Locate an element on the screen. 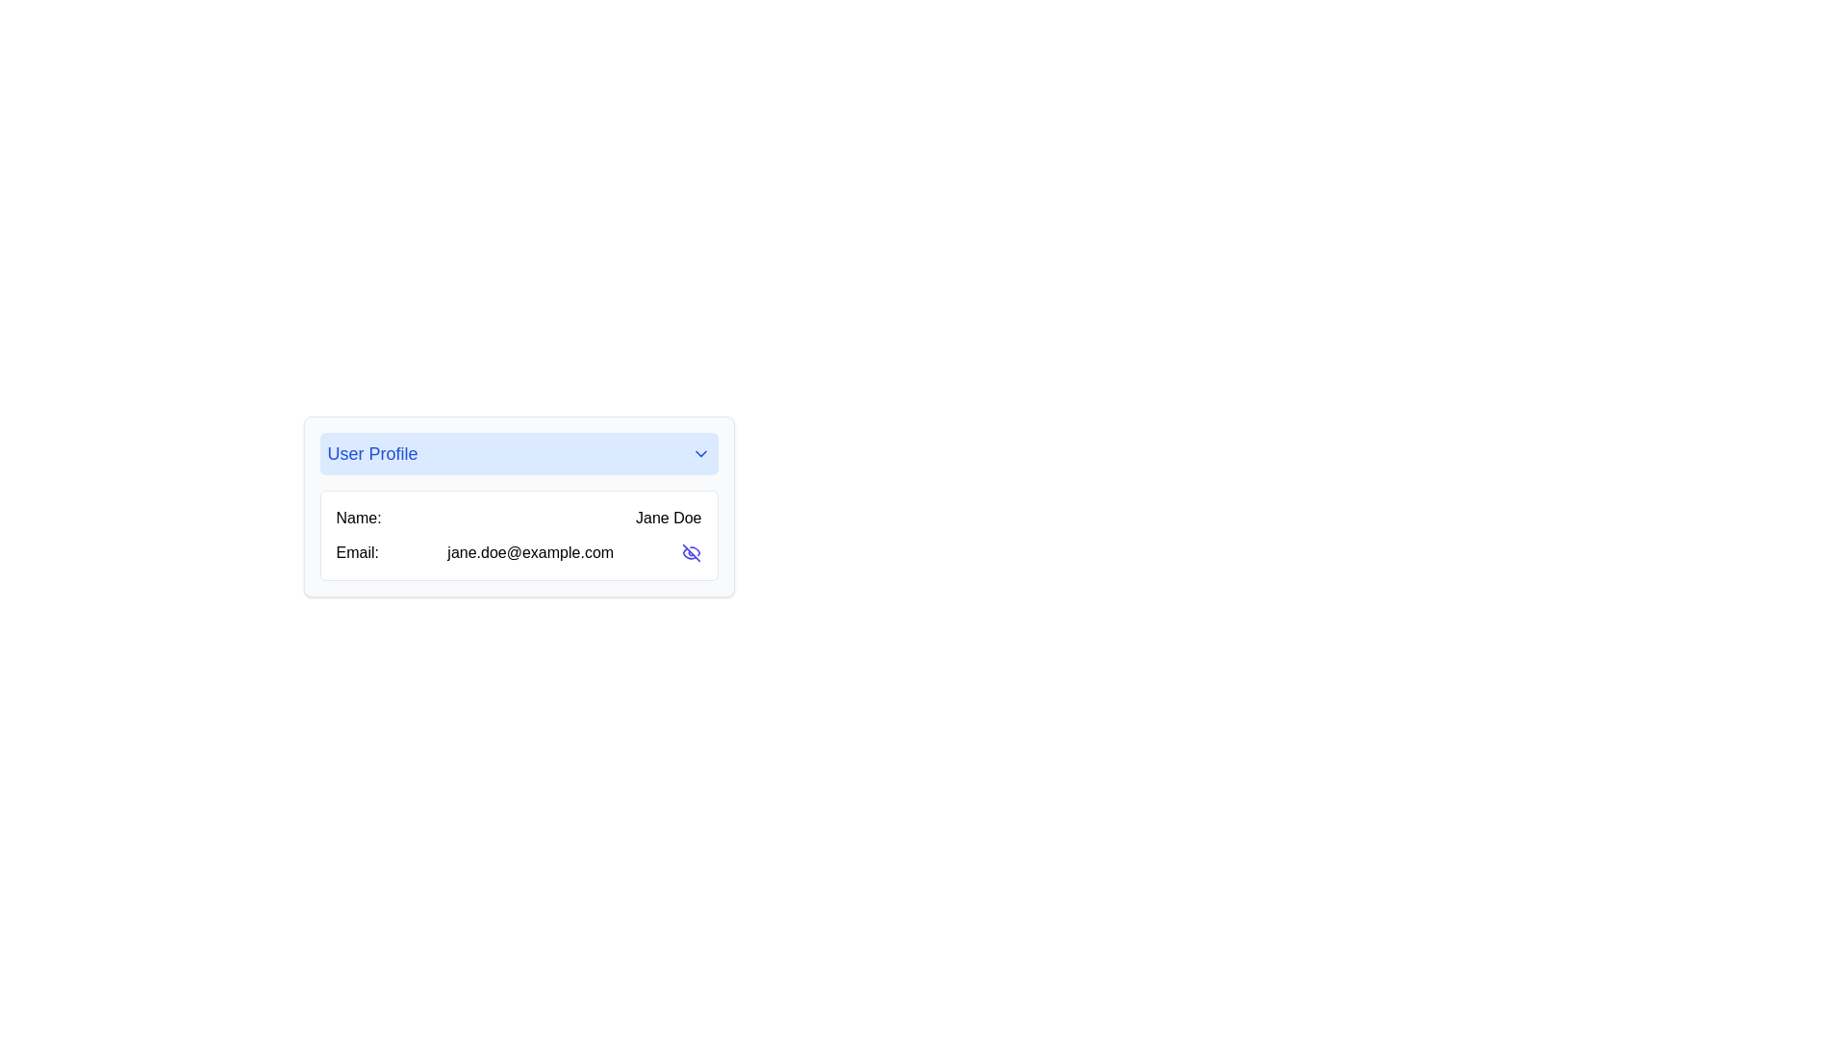 This screenshot has height=1039, width=1847. the eye-off visibility toggle icon, which is the third interactive icon in the row next to the email address 'jane.doe@example.com' in the user profile section is located at coordinates (692, 552).